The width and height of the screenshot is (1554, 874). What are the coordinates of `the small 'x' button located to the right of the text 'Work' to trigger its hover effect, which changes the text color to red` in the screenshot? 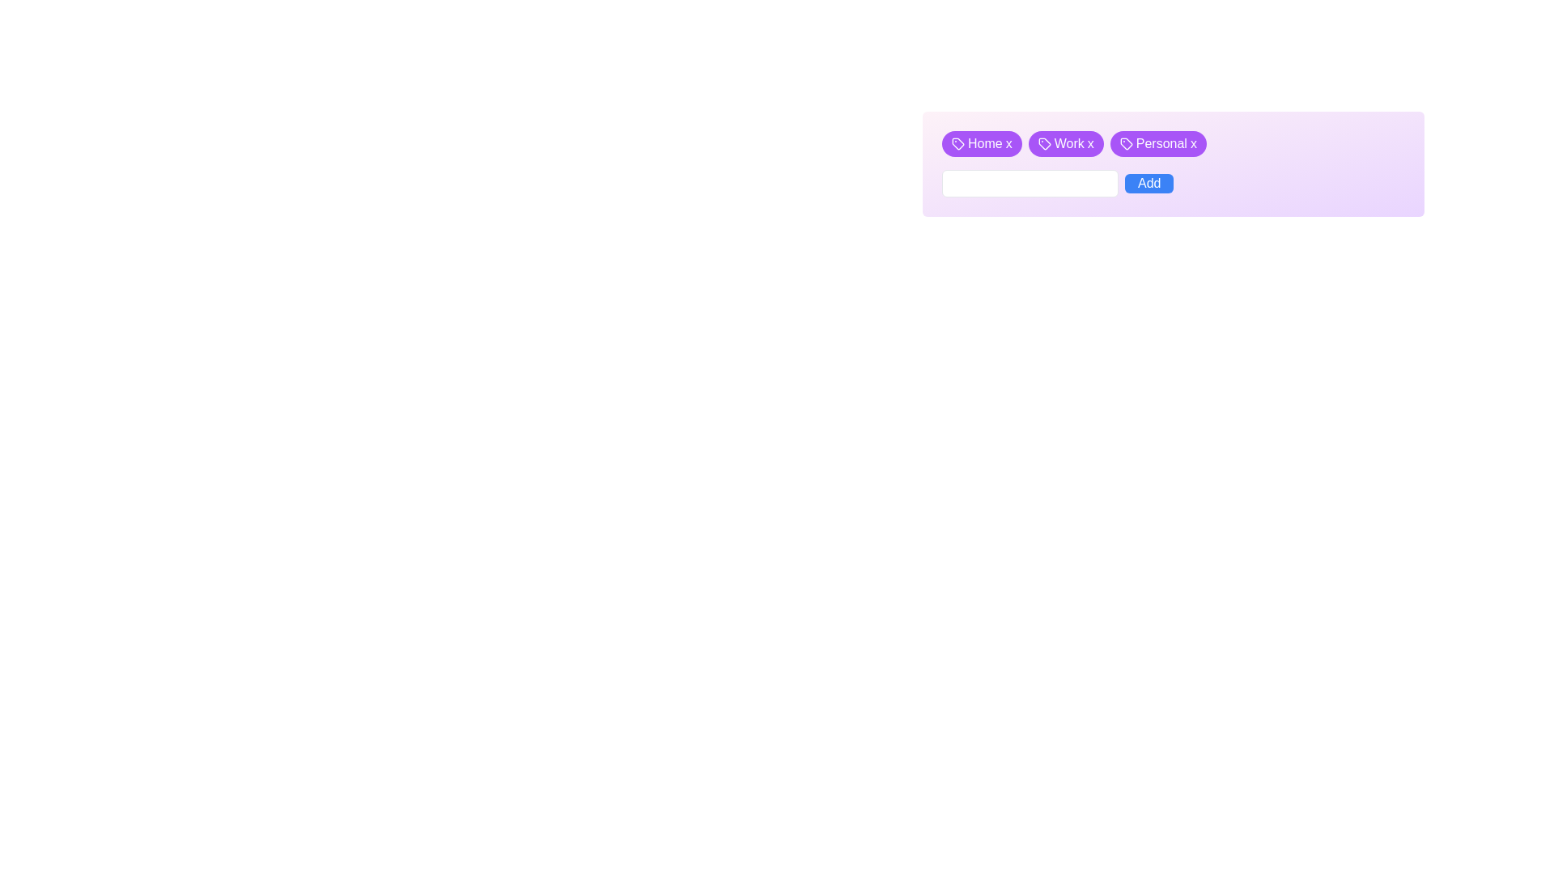 It's located at (1090, 142).